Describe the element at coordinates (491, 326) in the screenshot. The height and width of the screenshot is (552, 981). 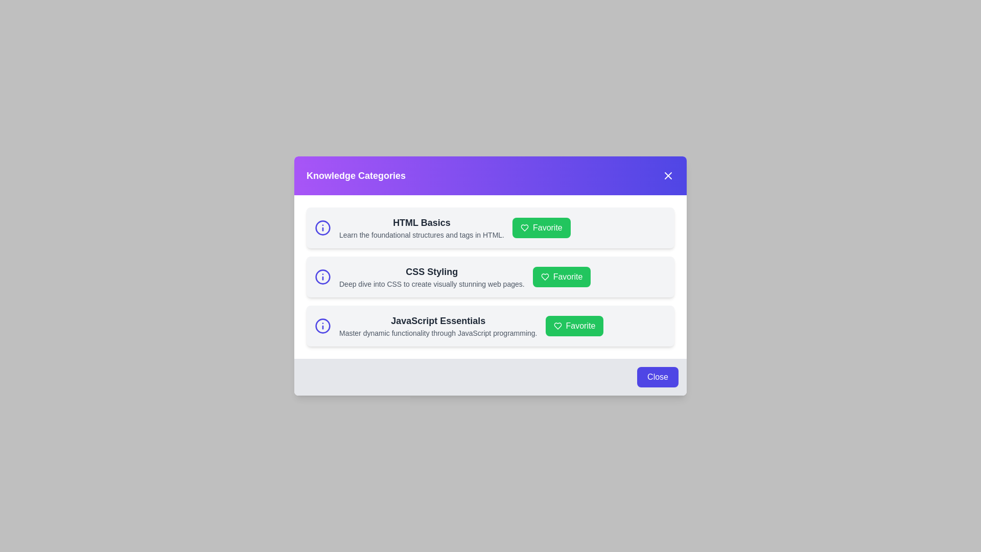
I see `the text content of the Information Card that presents the topic 'JavaScript Essentials'` at that location.